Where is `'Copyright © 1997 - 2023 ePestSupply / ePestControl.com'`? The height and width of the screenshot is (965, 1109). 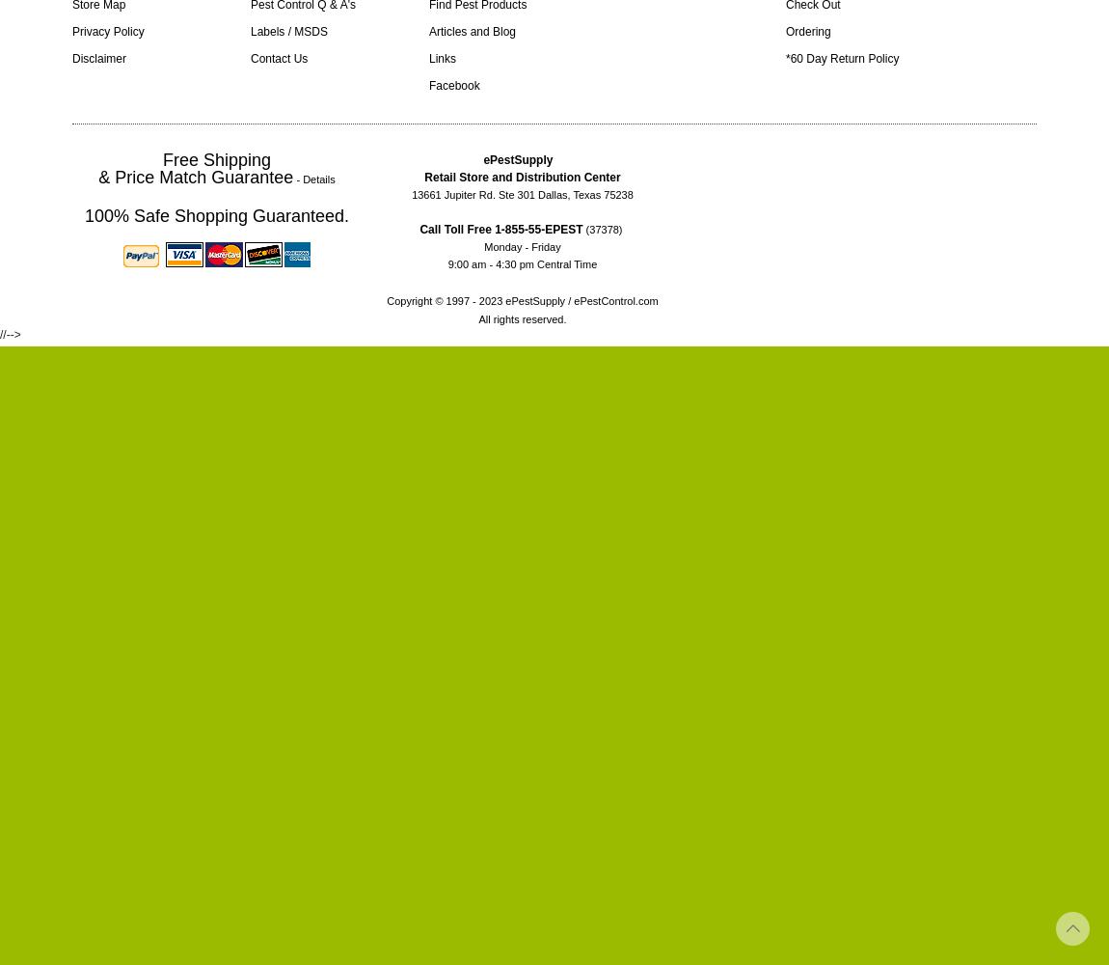 'Copyright © 1997 - 2023 ePestSupply / ePestControl.com' is located at coordinates (522, 301).